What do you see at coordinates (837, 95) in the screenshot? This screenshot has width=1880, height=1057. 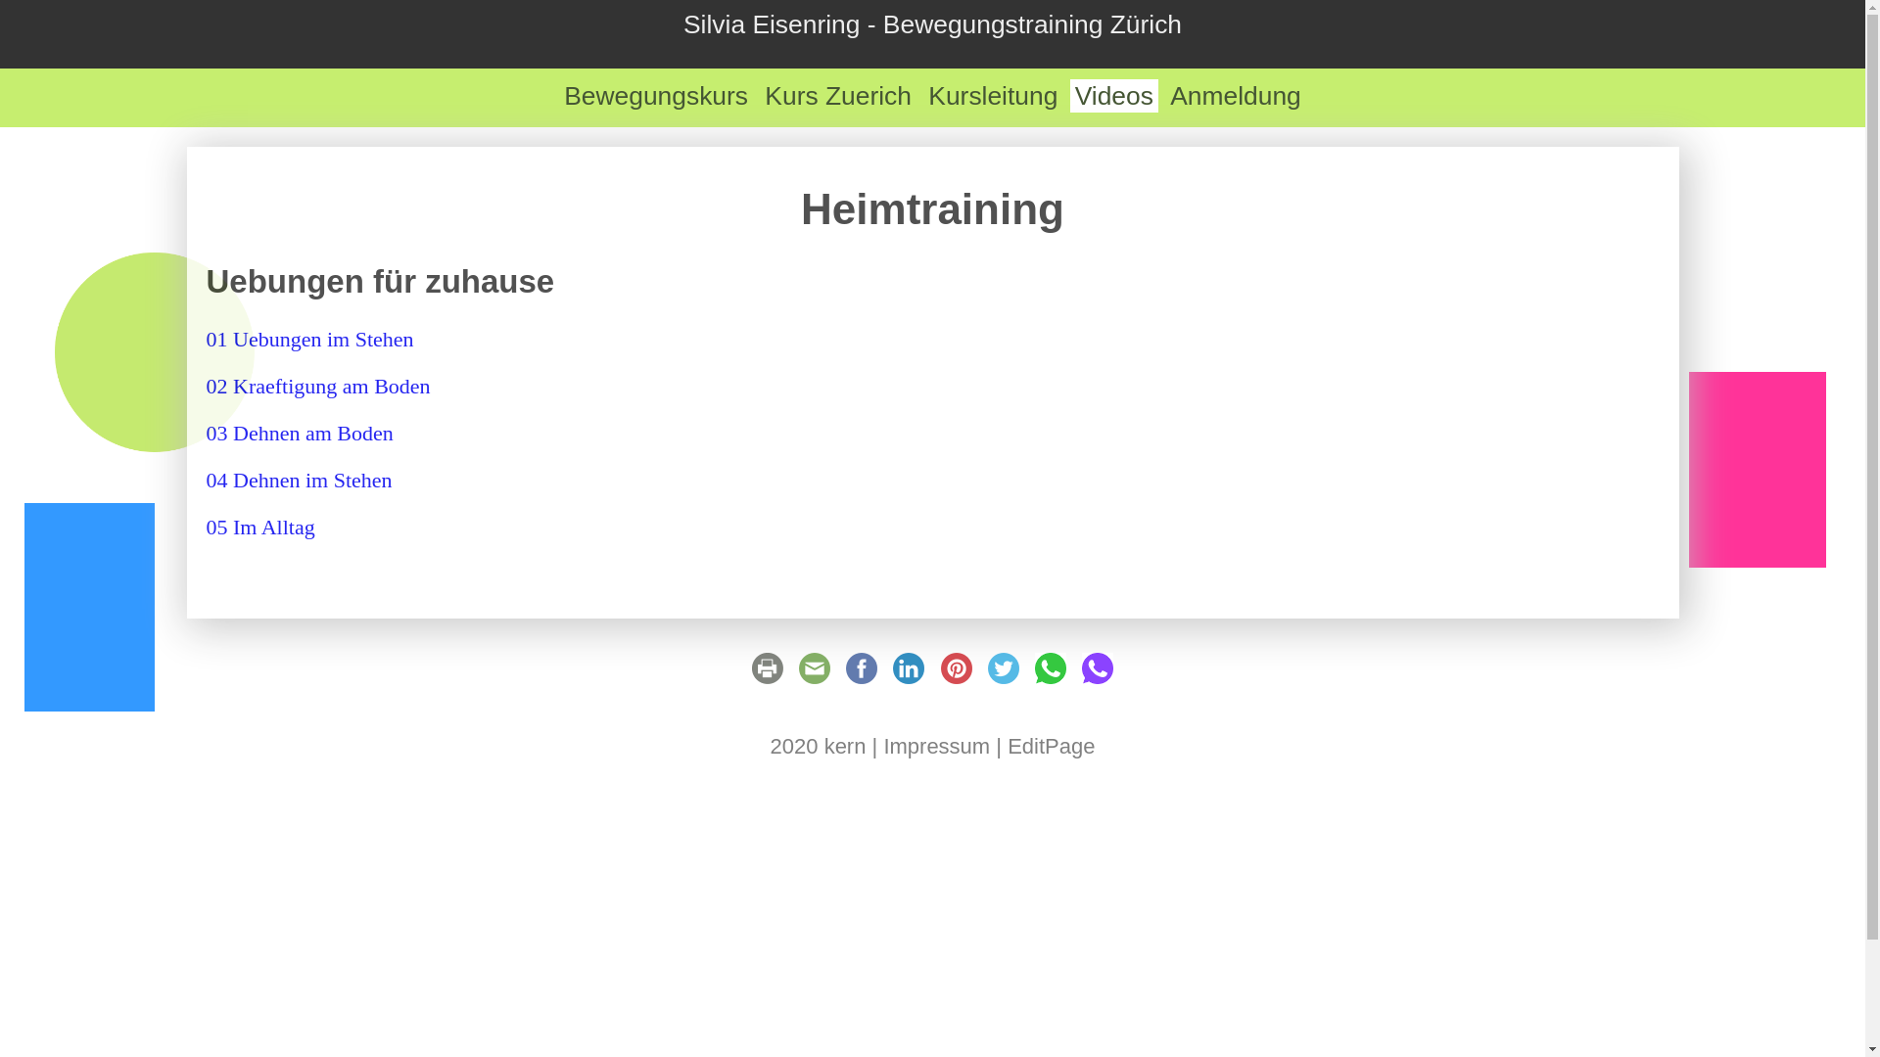 I see `'Kurs Zuerich'` at bounding box center [837, 95].